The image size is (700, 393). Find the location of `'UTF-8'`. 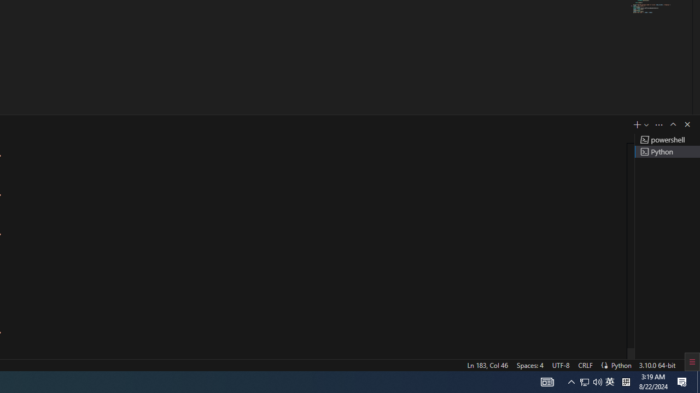

'UTF-8' is located at coordinates (561, 365).